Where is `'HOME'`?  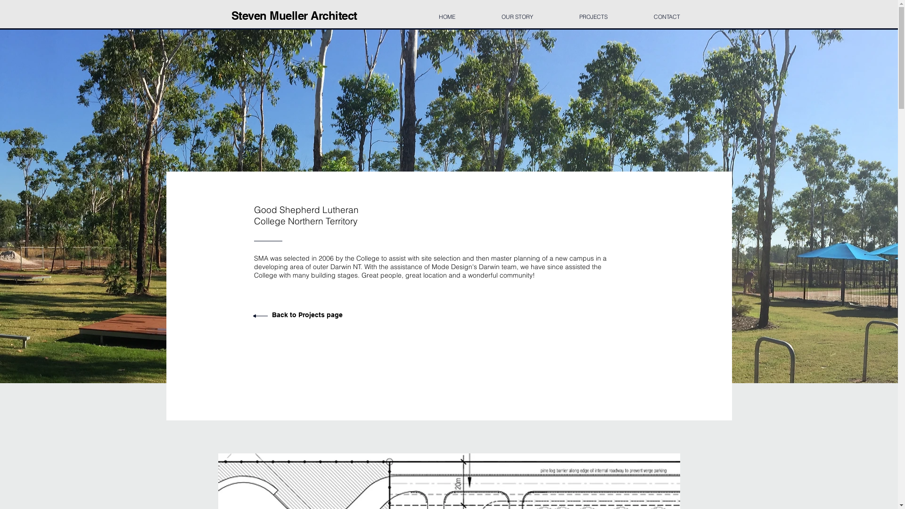
'HOME' is located at coordinates (415, 13).